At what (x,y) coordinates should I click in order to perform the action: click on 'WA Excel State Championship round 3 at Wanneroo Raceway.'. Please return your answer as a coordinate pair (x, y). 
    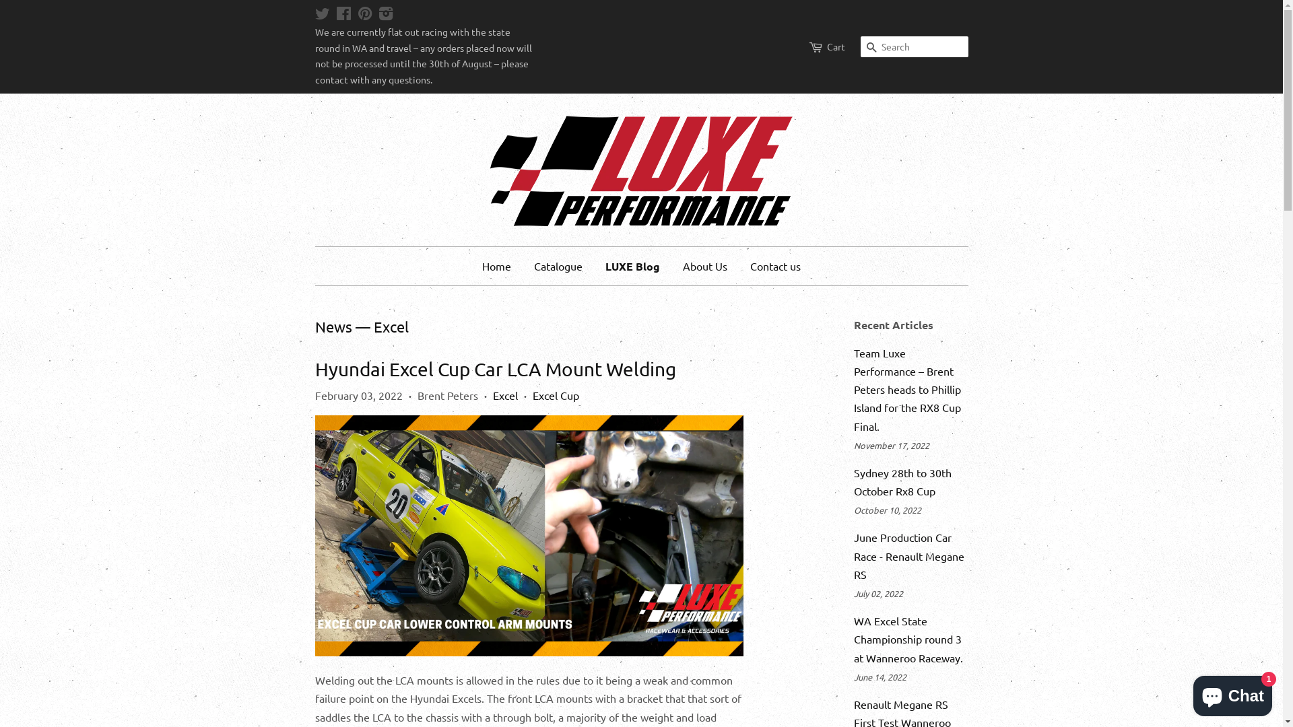
    Looking at the image, I should click on (908, 637).